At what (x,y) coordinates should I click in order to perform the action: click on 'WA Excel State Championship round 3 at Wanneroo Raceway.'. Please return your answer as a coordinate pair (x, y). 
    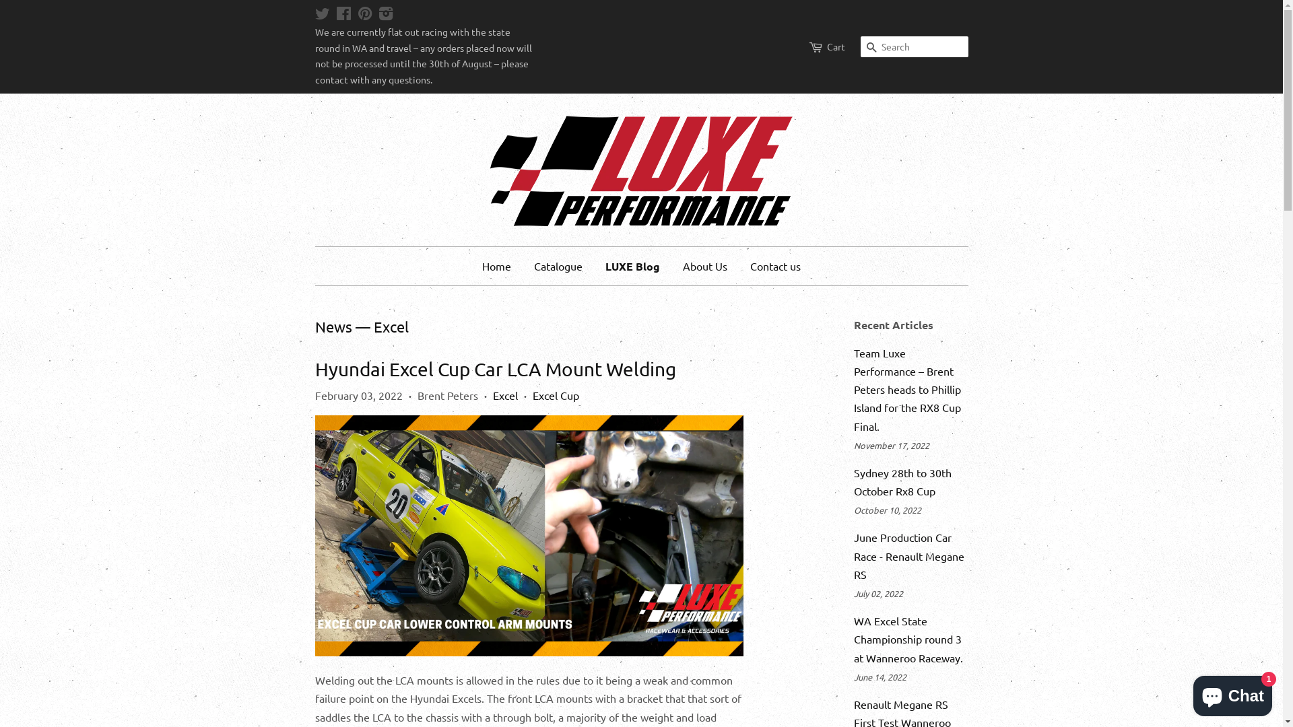
    Looking at the image, I should click on (908, 637).